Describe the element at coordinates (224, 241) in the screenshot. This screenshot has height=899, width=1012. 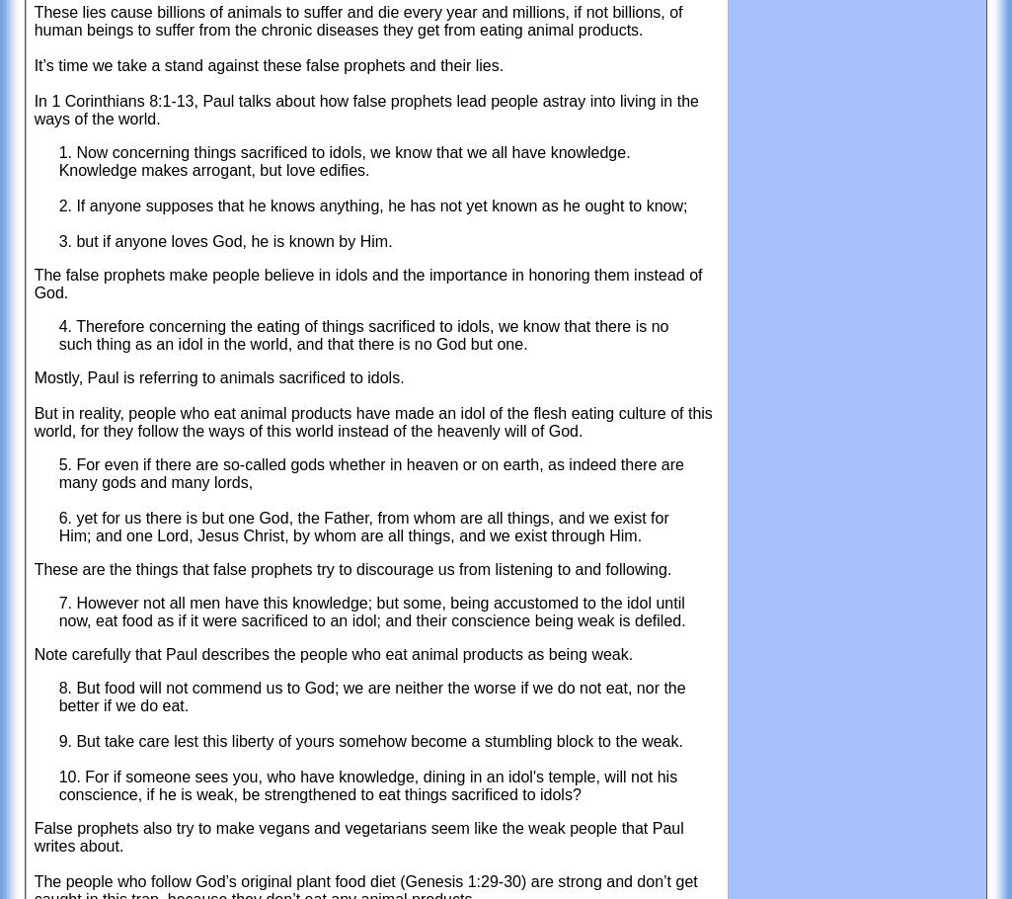
I see `'3. but if anyone loves God, he is known by Him.'` at that location.